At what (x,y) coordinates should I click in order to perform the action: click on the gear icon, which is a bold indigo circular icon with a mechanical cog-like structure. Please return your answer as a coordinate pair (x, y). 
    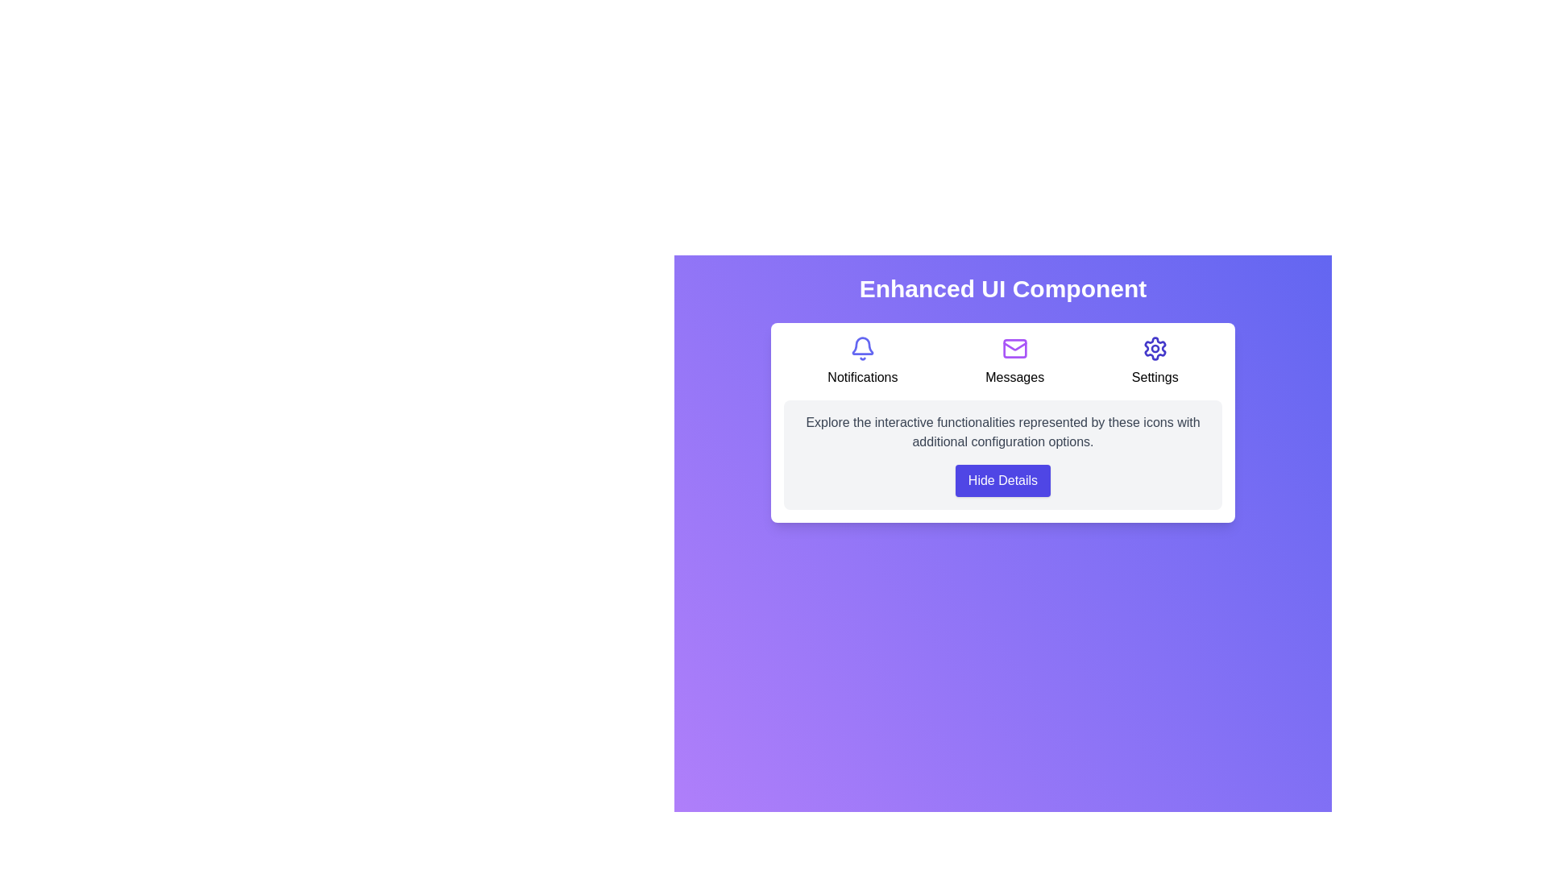
    Looking at the image, I should click on (1154, 347).